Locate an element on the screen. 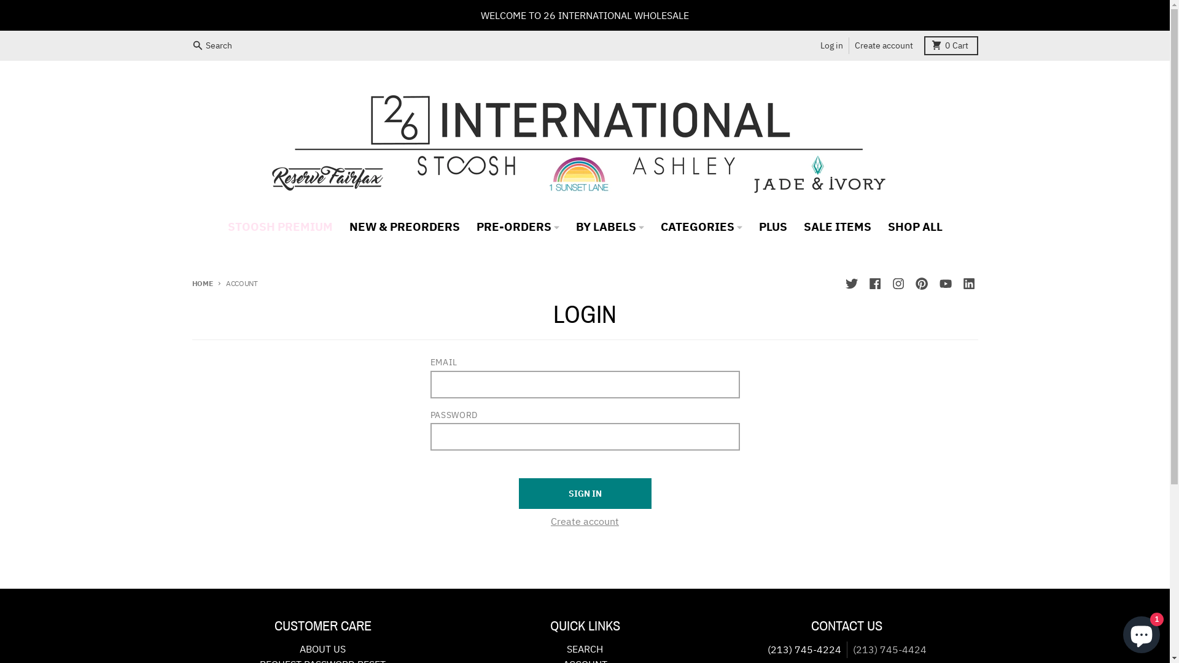 The width and height of the screenshot is (1179, 663). 'SIGN IN' is located at coordinates (583, 492).